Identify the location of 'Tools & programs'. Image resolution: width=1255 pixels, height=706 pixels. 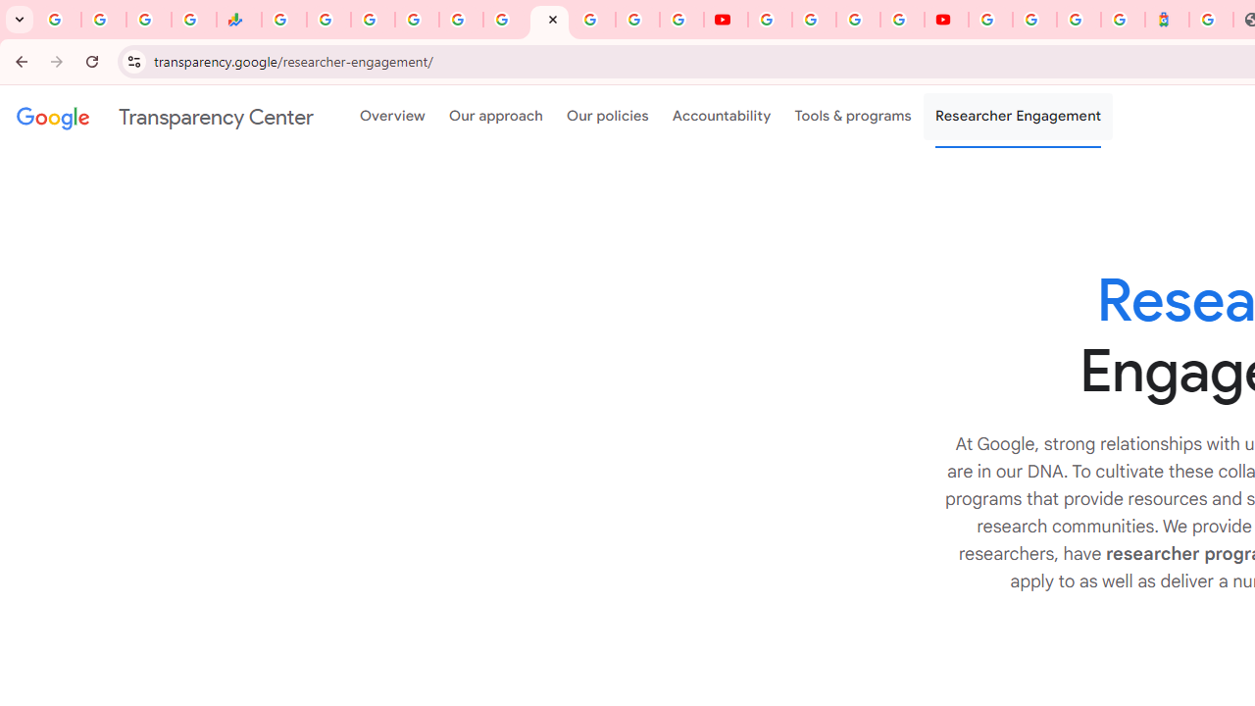
(852, 117).